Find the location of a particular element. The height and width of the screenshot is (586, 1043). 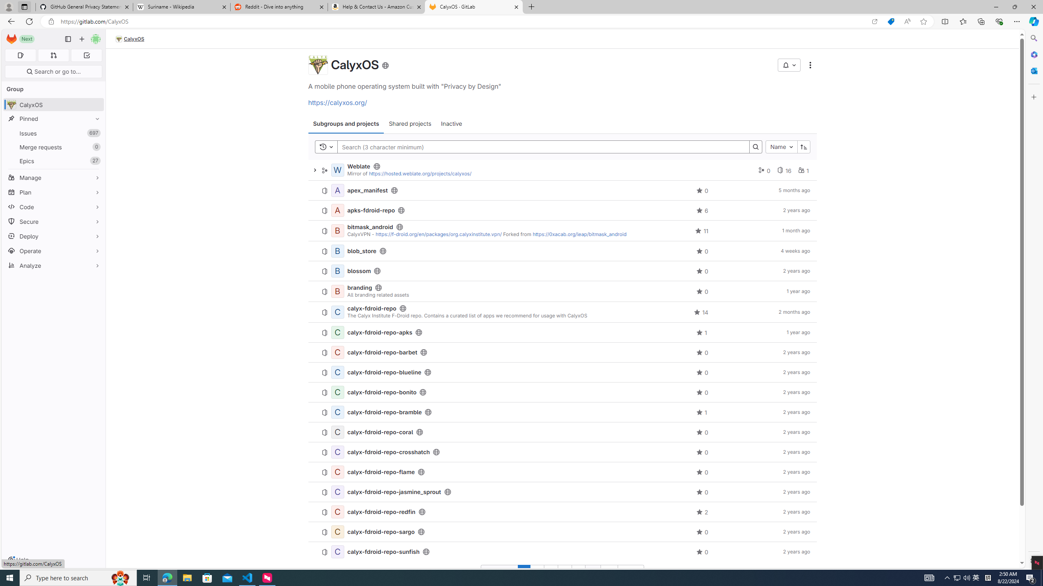

'Issues697' is located at coordinates (53, 133).